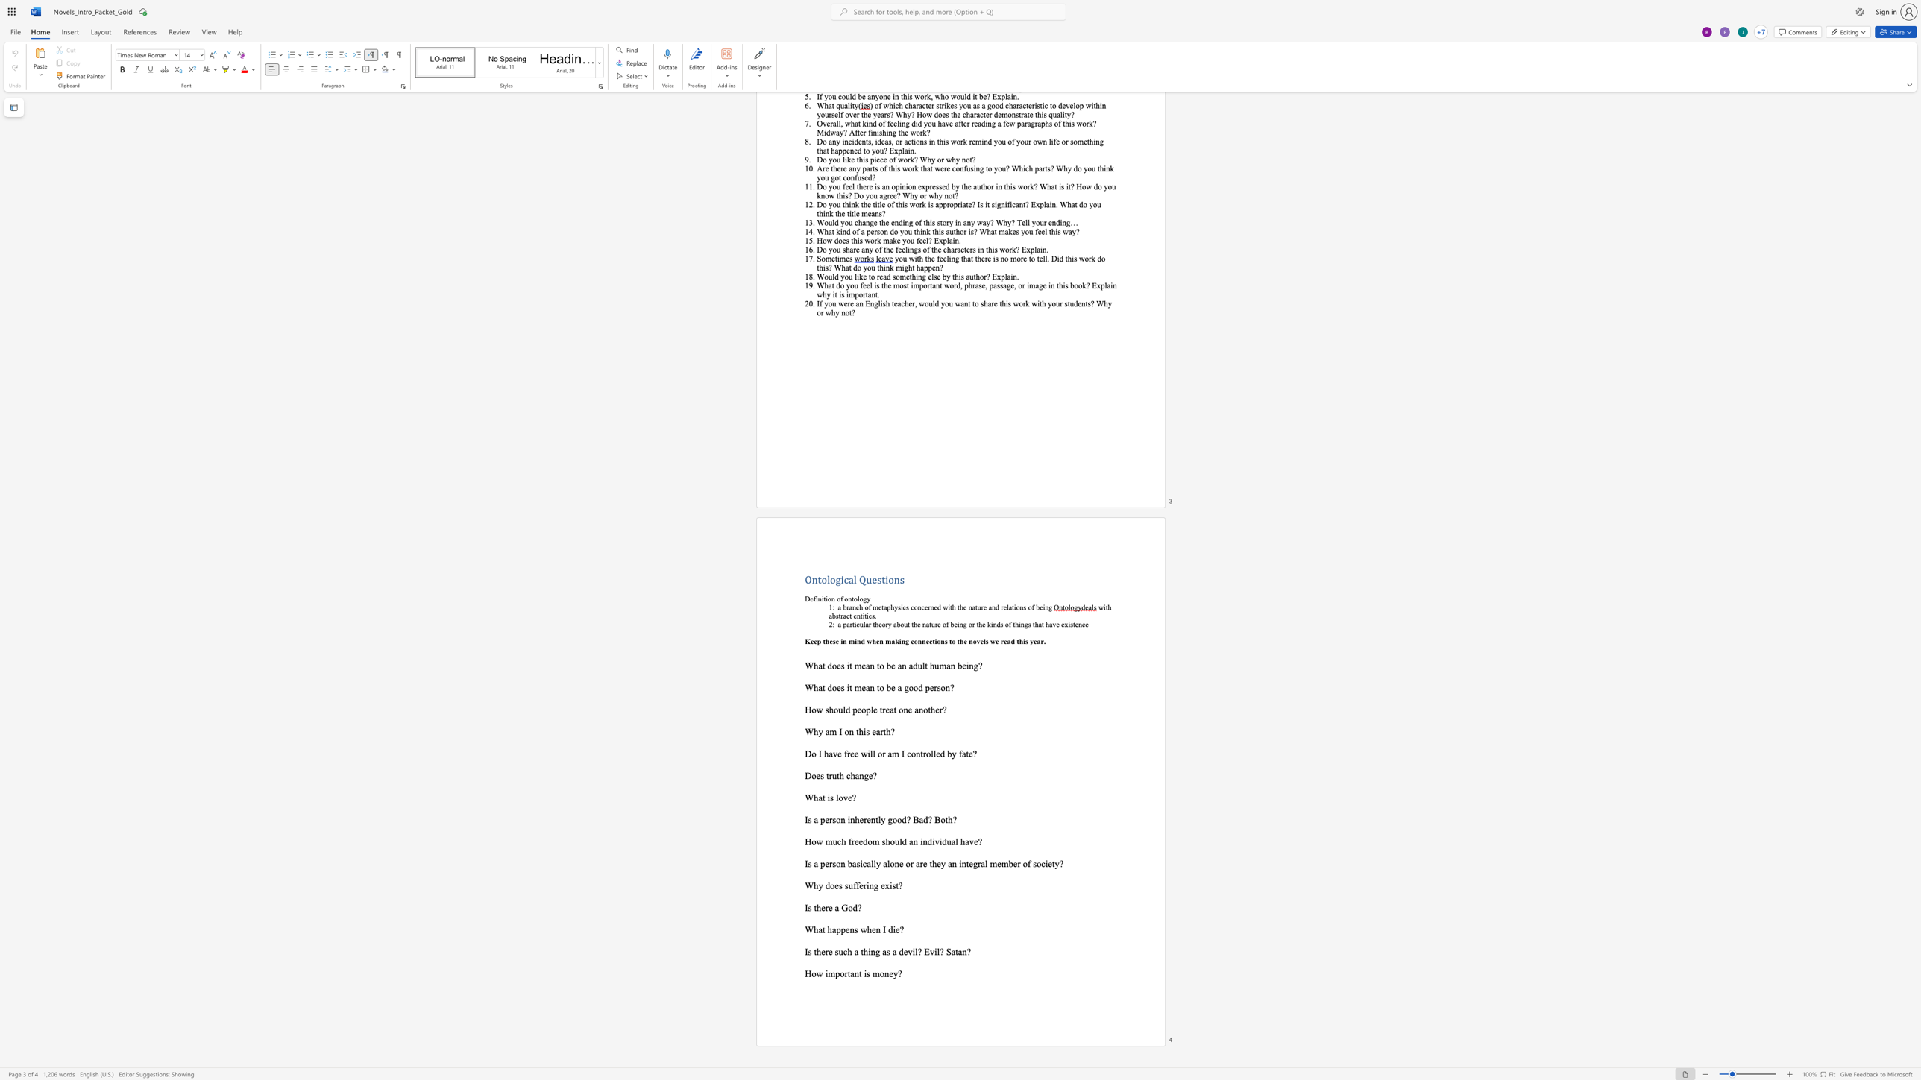  I want to click on the space between the continuous character "o" and "u" in the text, so click(894, 841).